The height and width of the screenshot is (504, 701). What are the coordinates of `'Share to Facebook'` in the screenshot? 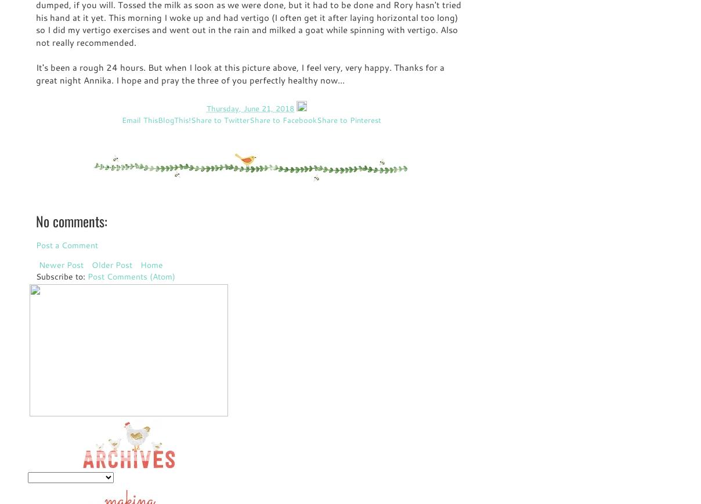 It's located at (282, 119).